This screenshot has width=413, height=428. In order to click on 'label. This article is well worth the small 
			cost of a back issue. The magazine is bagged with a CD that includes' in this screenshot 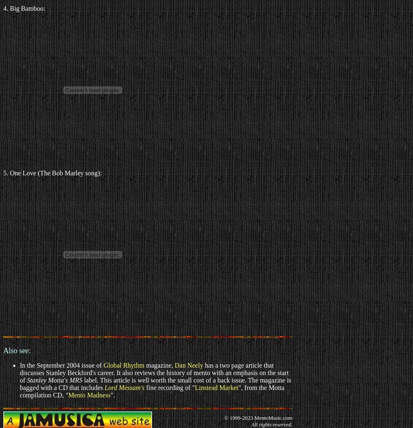, I will do `click(155, 383)`.